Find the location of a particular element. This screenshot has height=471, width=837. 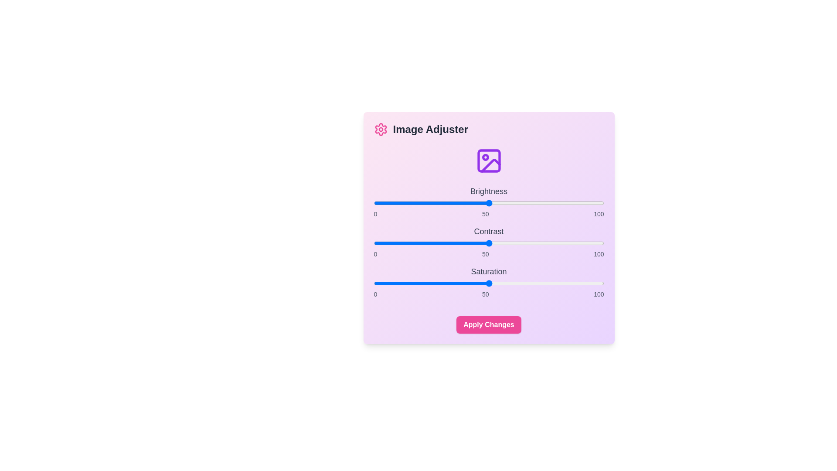

the contrast slider to 20 percent is located at coordinates (420, 243).